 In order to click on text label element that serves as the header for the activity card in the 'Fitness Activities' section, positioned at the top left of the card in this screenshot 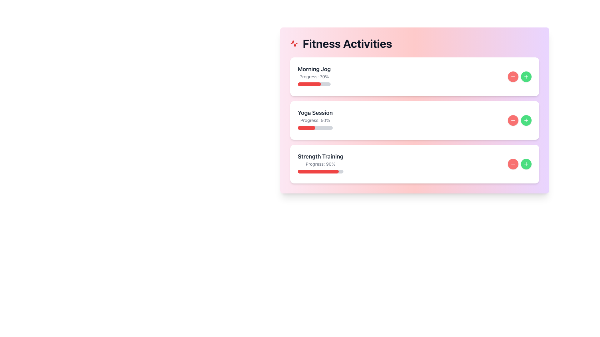, I will do `click(314, 69)`.